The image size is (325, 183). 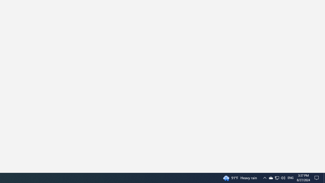 I want to click on 'Vertical Small Increase', so click(x=323, y=171).